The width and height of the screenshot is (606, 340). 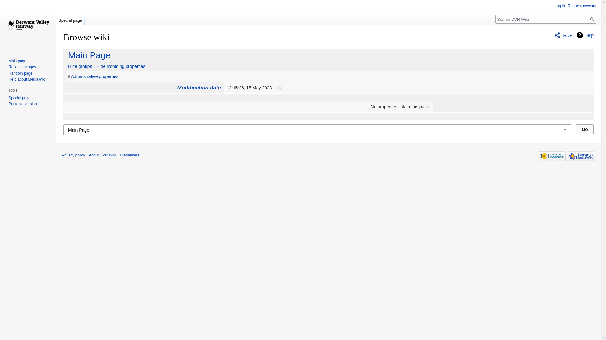 What do you see at coordinates (581, 6) in the screenshot?
I see `'Request account'` at bounding box center [581, 6].